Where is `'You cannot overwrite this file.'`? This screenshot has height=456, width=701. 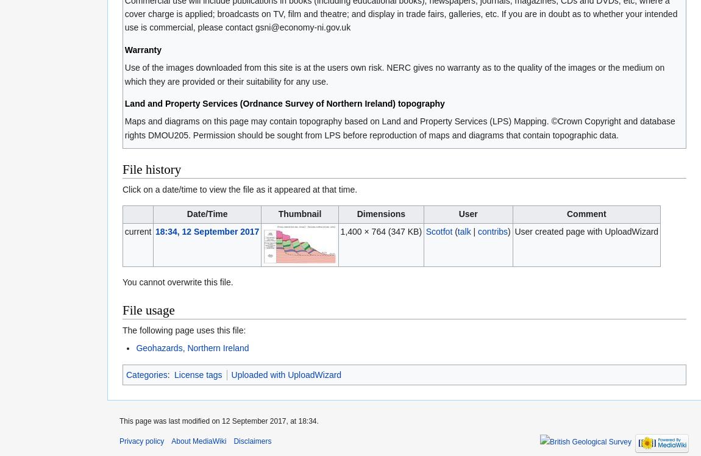 'You cannot overwrite this file.' is located at coordinates (177, 282).